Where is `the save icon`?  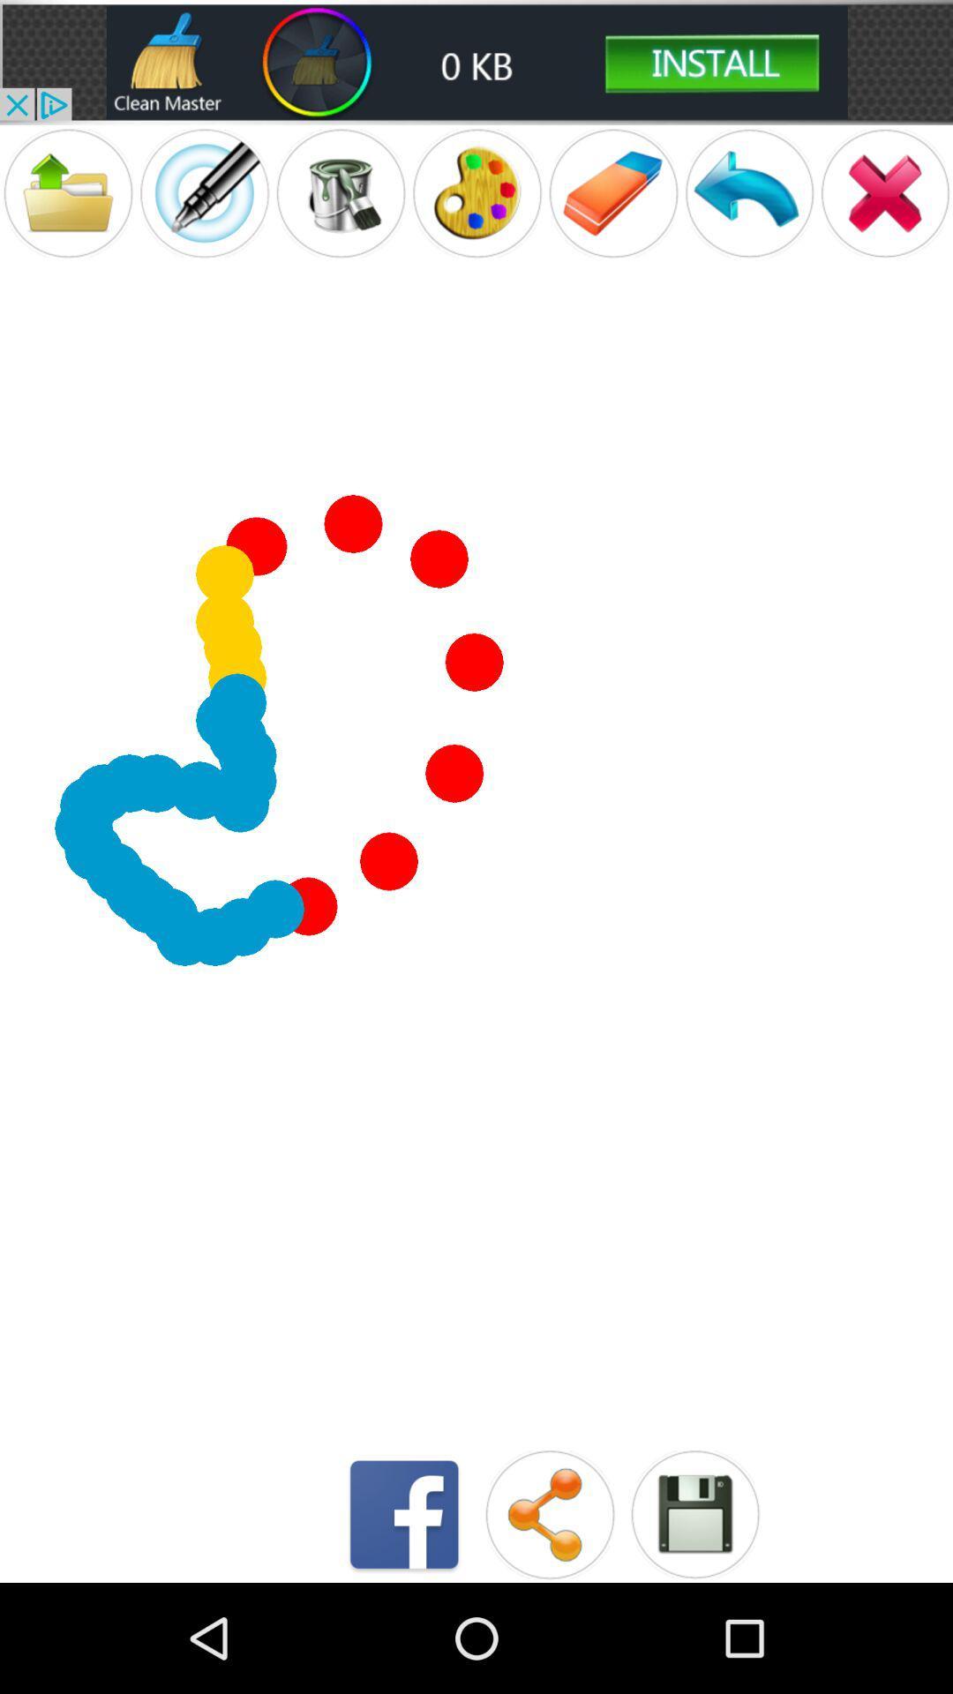
the save icon is located at coordinates (694, 1620).